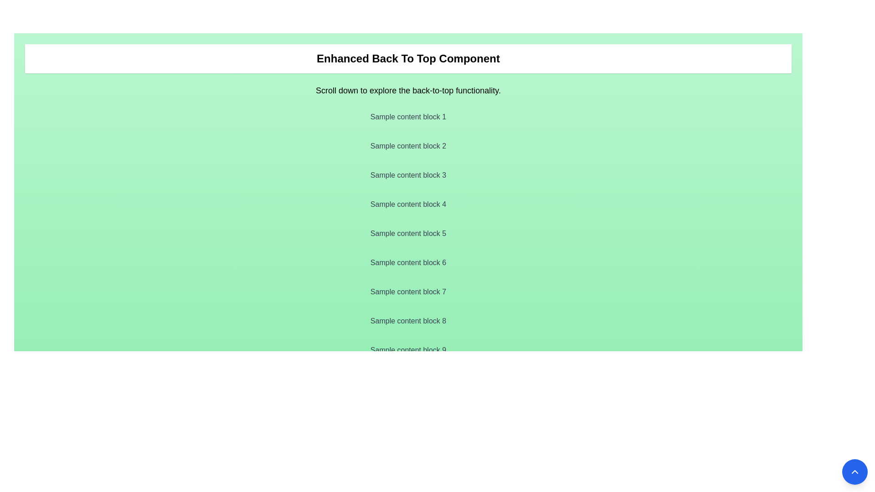 The image size is (875, 492). Describe the element at coordinates (408, 349) in the screenshot. I see `the static text block displaying 'Sample content block 9.'` at that location.